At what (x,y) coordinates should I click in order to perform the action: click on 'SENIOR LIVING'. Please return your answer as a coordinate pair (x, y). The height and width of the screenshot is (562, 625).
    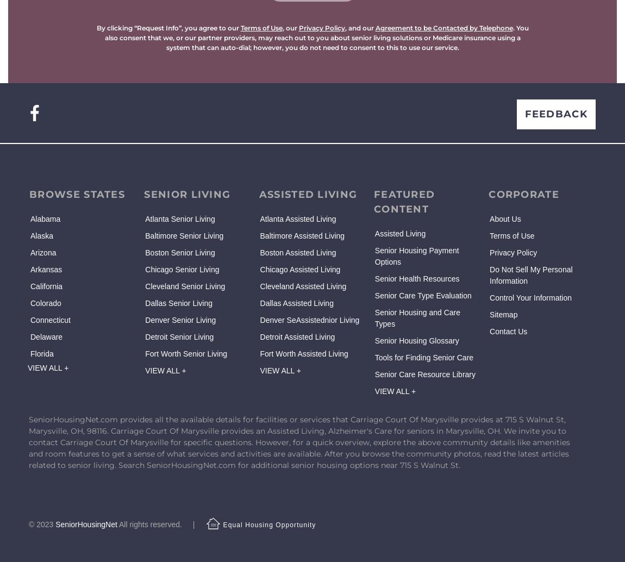
    Looking at the image, I should click on (187, 193).